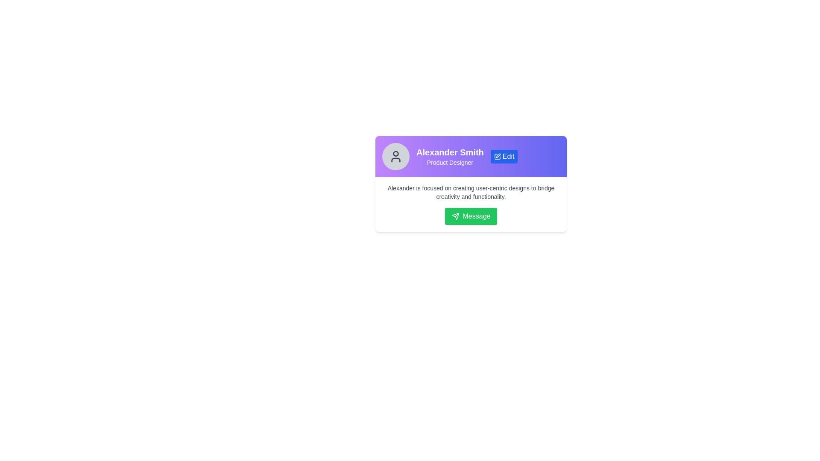 Image resolution: width=820 pixels, height=461 pixels. Describe the element at coordinates (497, 156) in the screenshot. I see `the icon styled with a pen symbol inside a blue square outline located within the 'Edit' button to the left of the text label 'Edit'` at that location.